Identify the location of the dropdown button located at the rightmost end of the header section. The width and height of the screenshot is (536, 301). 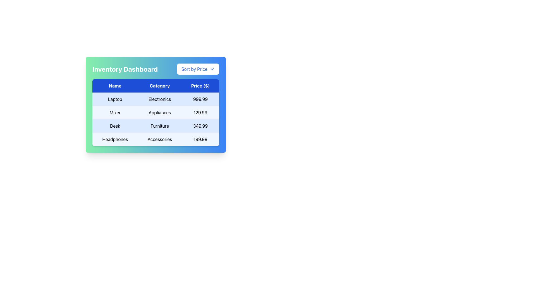
(198, 69).